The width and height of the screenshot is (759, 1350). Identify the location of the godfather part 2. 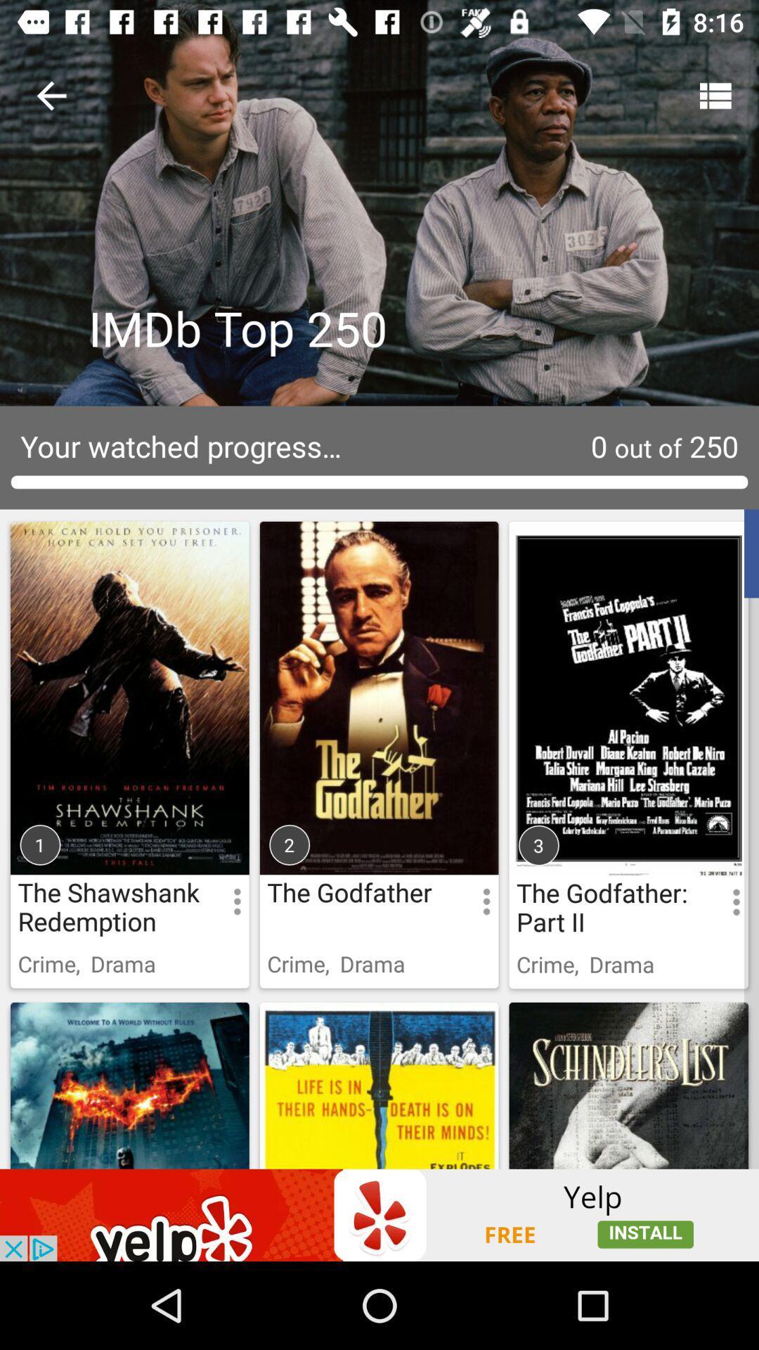
(628, 735).